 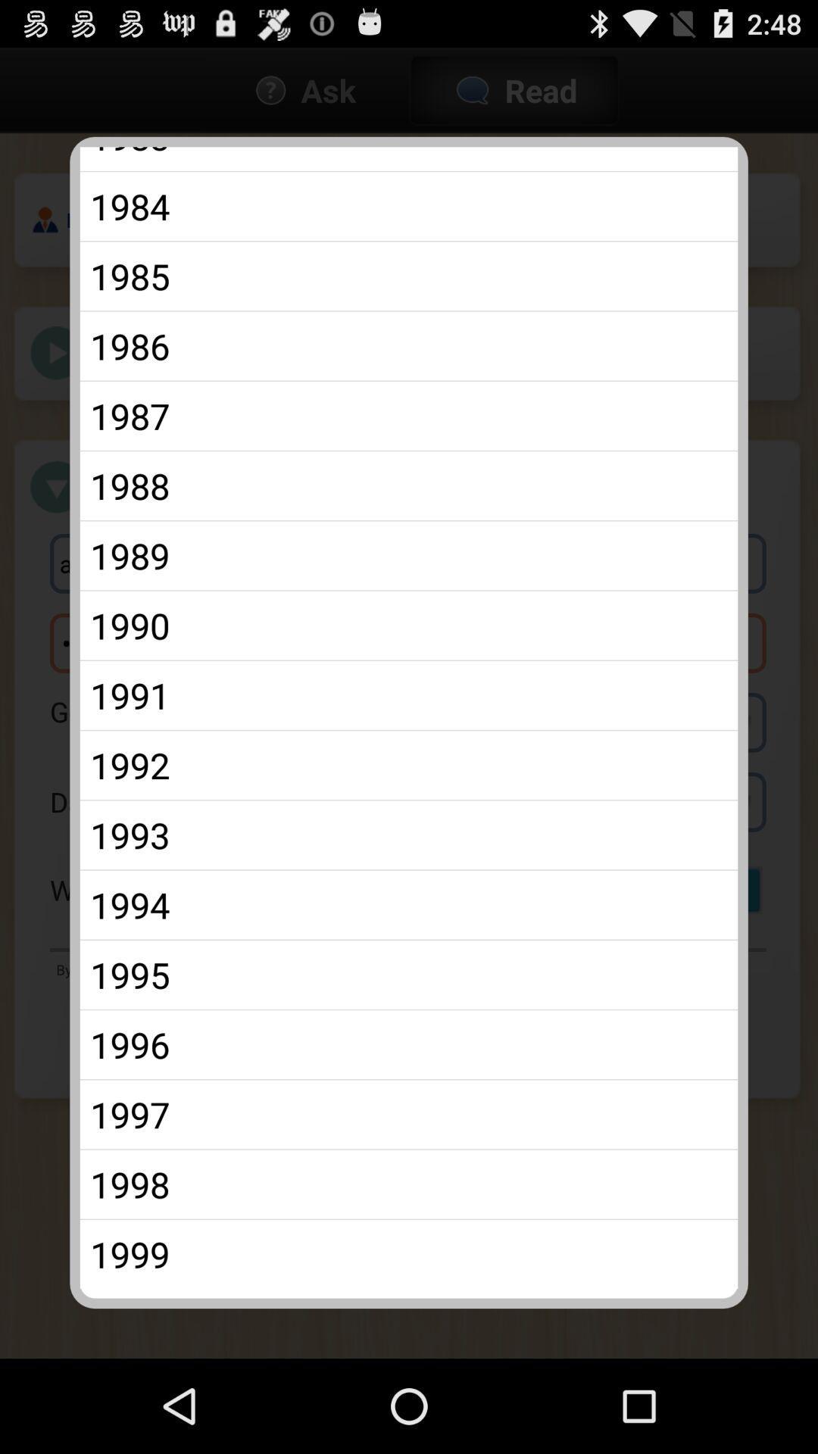 What do you see at coordinates (409, 765) in the screenshot?
I see `the item above the 1993 item` at bounding box center [409, 765].